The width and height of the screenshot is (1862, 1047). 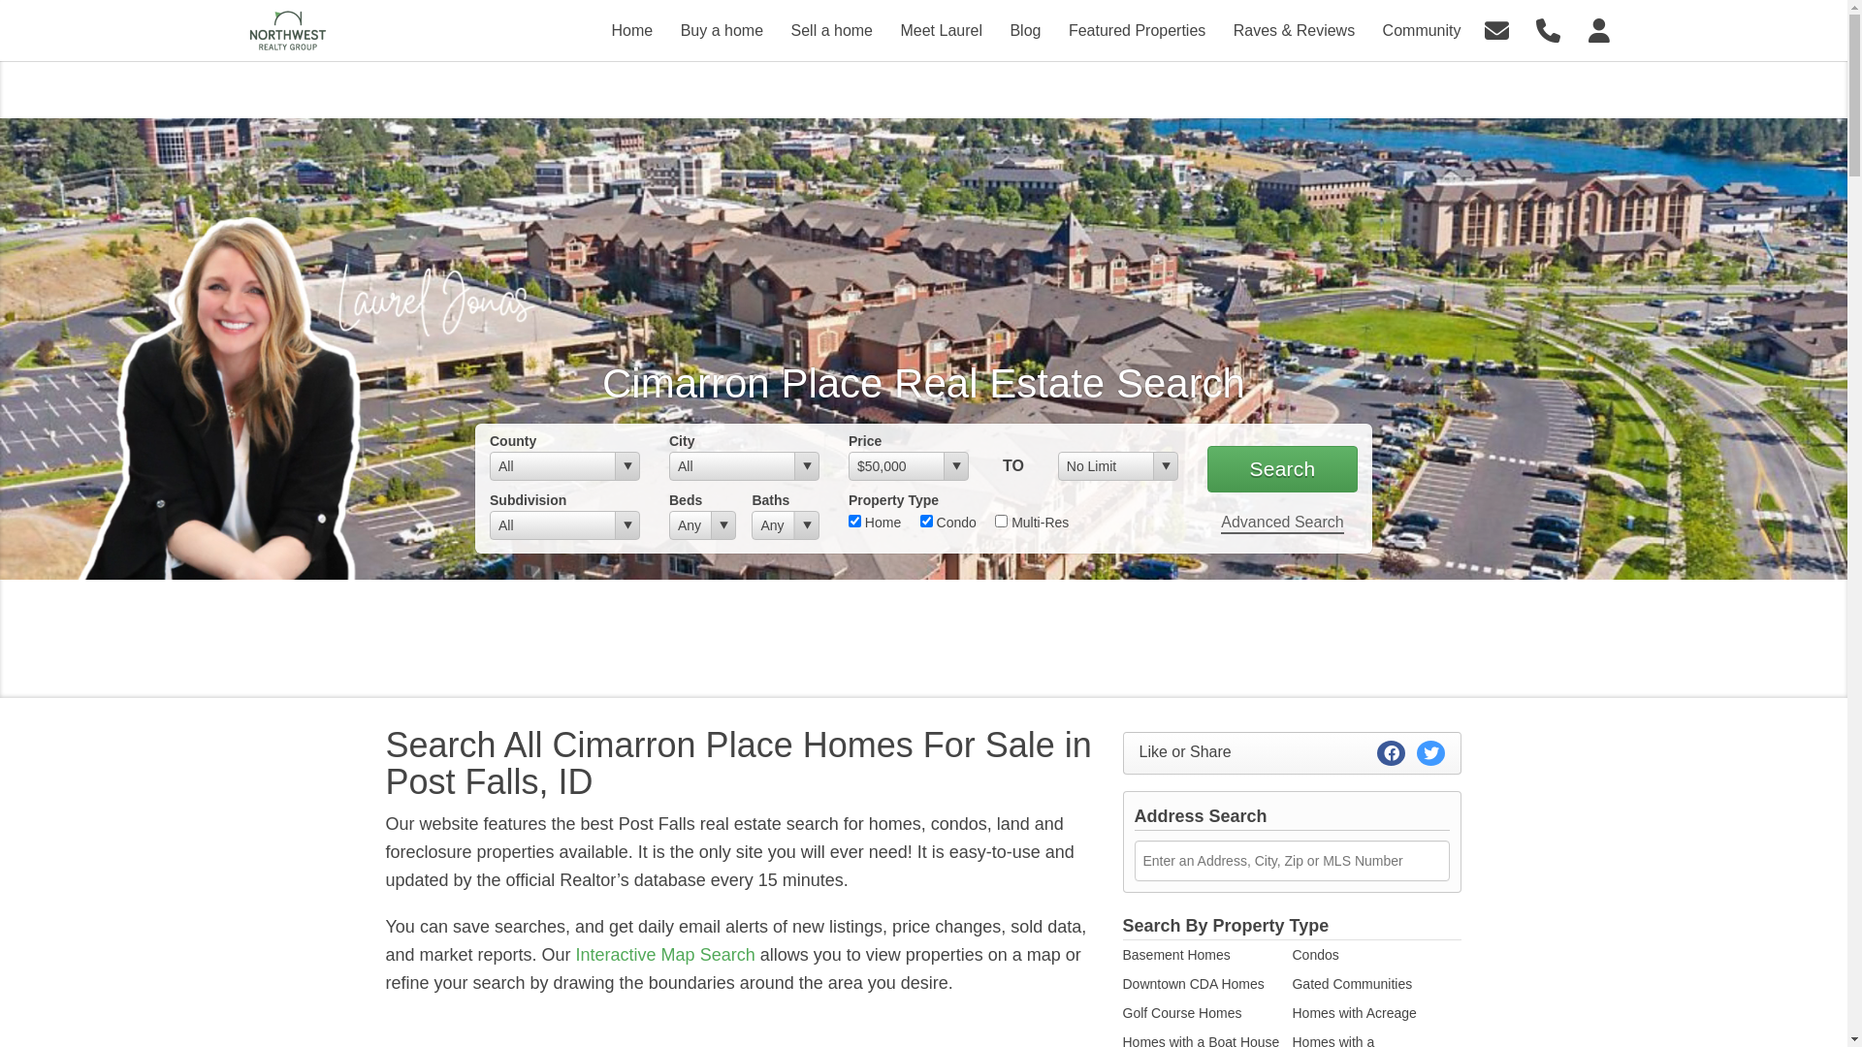 I want to click on 'Home', so click(x=632, y=30).